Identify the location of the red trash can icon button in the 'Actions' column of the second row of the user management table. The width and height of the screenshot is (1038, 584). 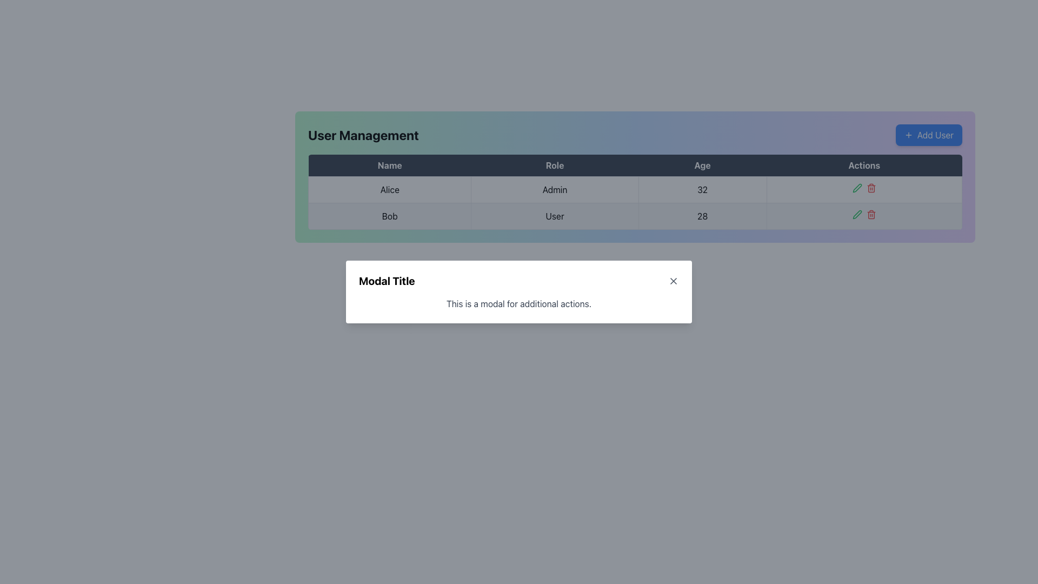
(871, 215).